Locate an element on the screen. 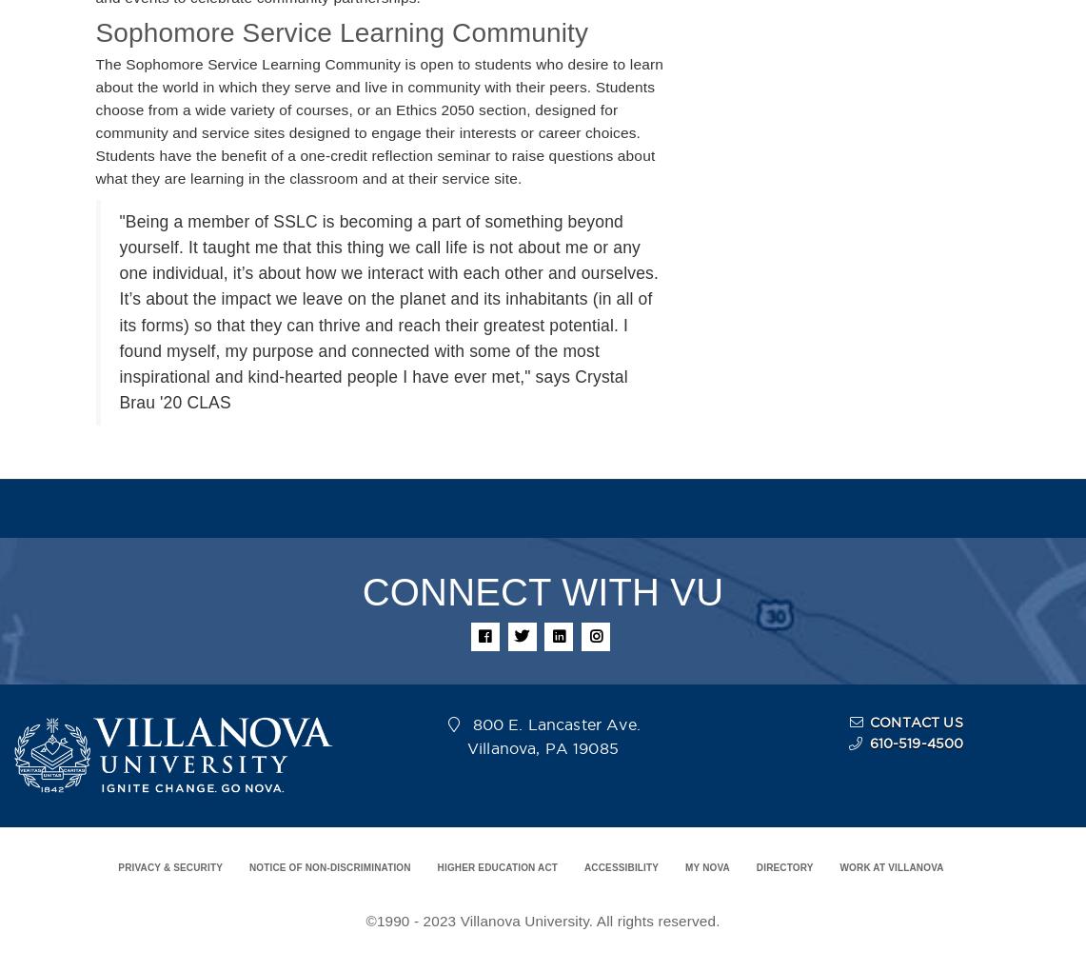  'The Sophomore Service Learning Community is open to students who desire to learn about the world in which they serve and live in community with their peers. Students choose from a wide variety of courses, or an Ethics 2050 section, designed for community and service sites designed to engage their interests or career choices. Students have the benefit of a one-credit reflection seminar to raise questions about what they are learning in the classroom and at their service site.' is located at coordinates (379, 121).